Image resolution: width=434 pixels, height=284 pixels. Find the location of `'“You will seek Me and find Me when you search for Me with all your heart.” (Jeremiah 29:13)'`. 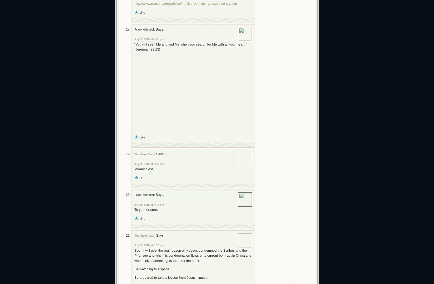

'“You will seek Me and find Me when you search for Me with all your heart.” (Jeremiah 29:13)' is located at coordinates (190, 47).